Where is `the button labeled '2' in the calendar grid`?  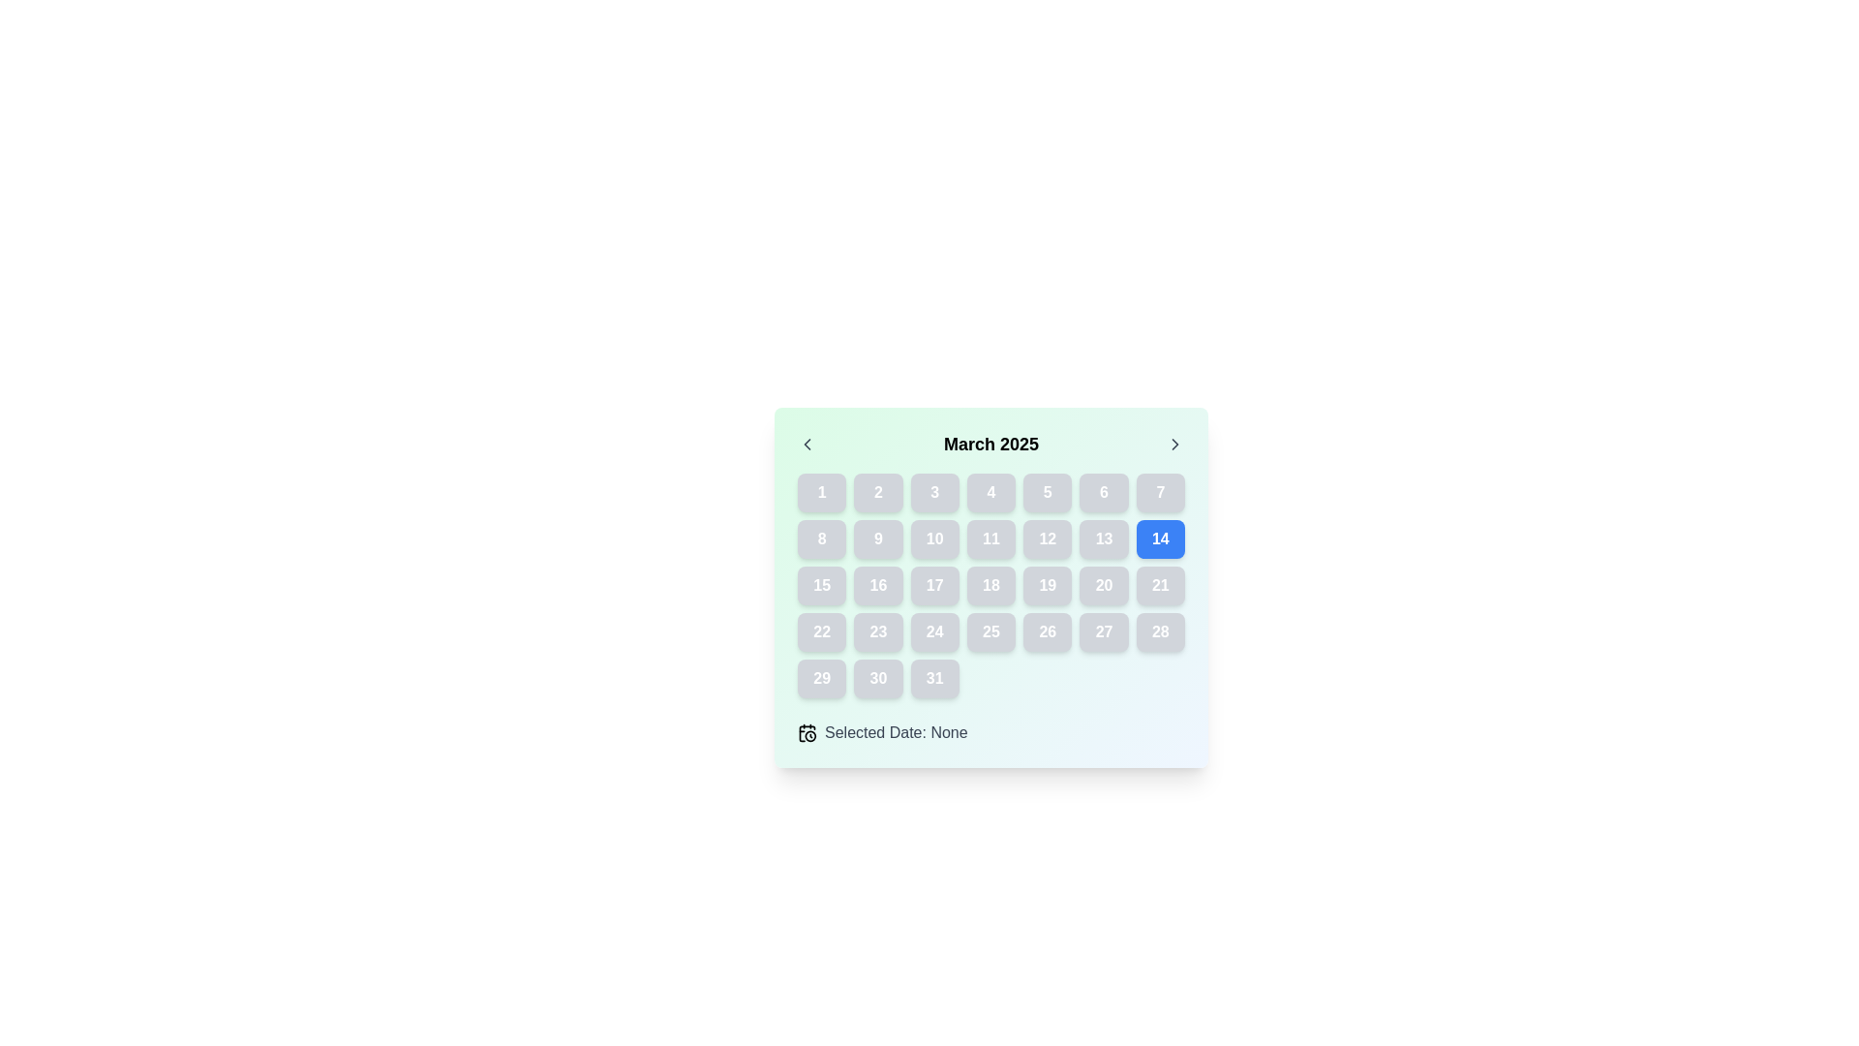
the button labeled '2' in the calendar grid is located at coordinates (877, 492).